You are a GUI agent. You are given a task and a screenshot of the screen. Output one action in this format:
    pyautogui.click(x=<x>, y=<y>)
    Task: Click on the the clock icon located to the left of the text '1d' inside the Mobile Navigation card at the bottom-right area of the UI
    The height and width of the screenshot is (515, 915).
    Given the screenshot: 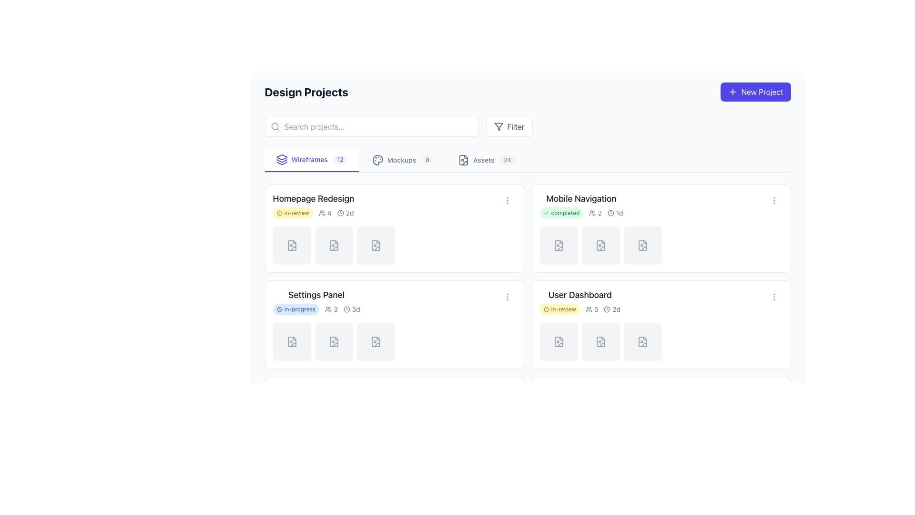 What is the action you would take?
    pyautogui.click(x=610, y=213)
    